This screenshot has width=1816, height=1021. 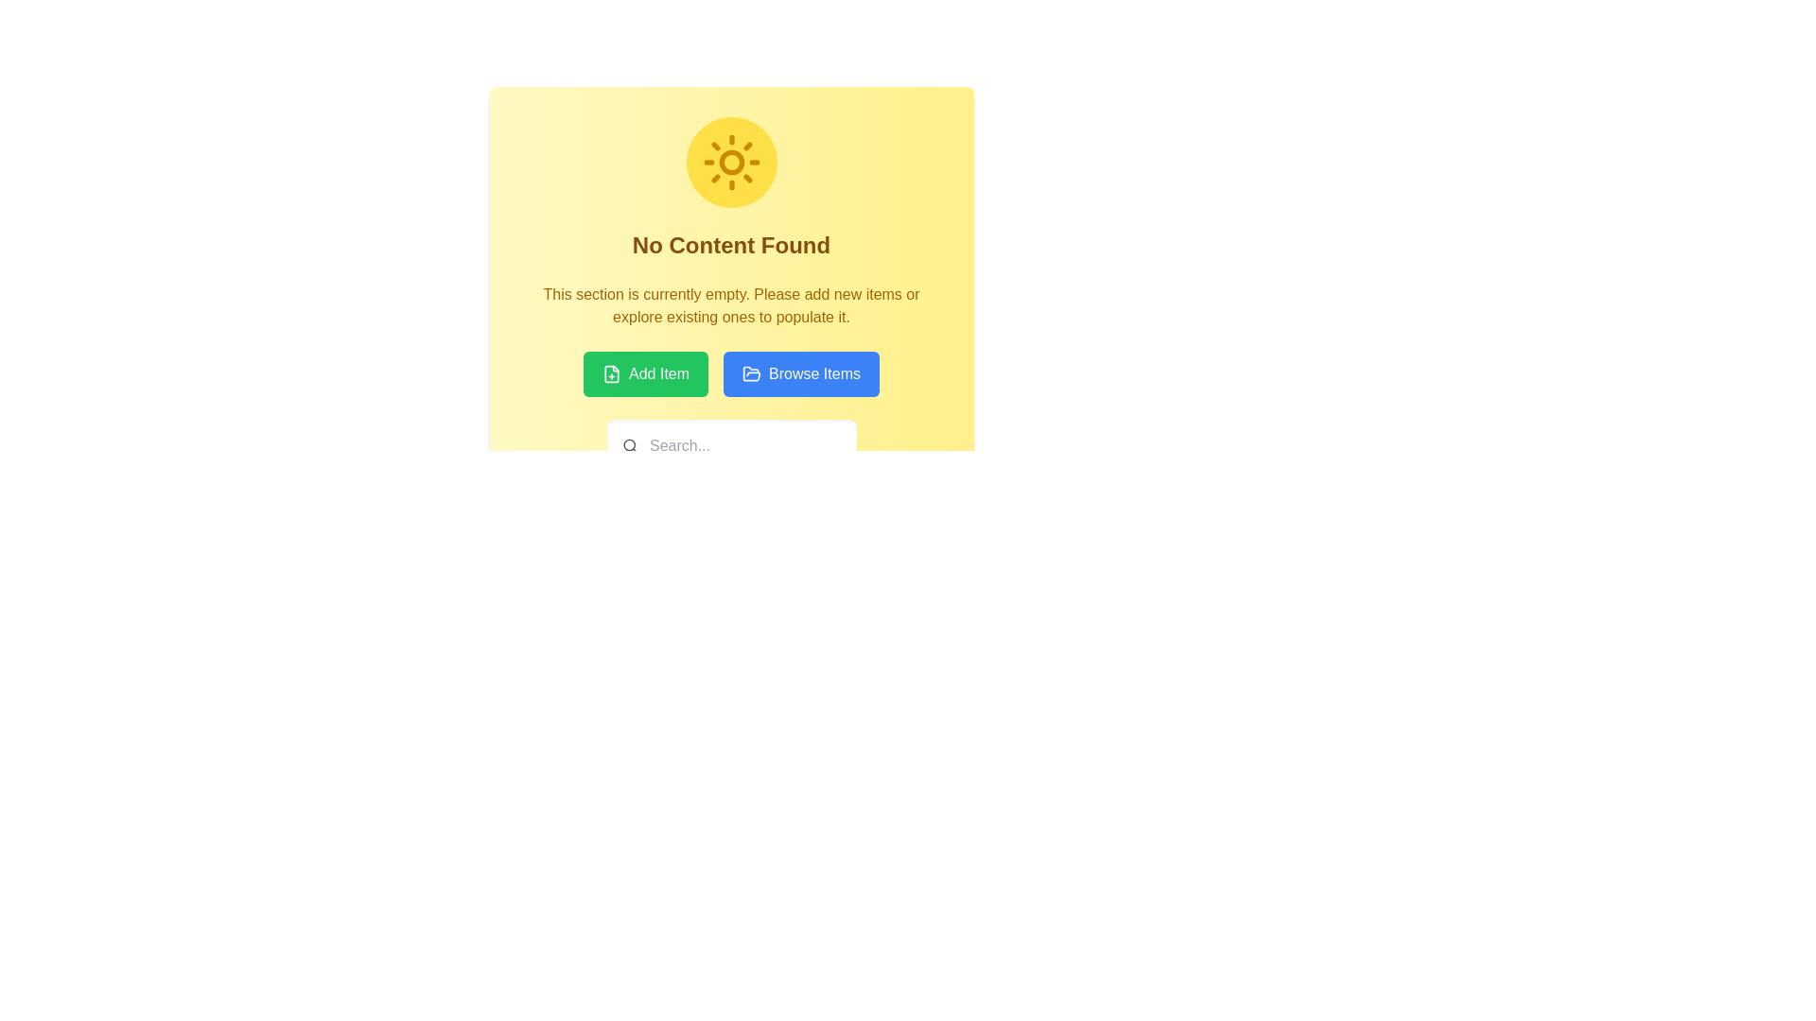 What do you see at coordinates (730, 305) in the screenshot?
I see `the text block informing users about the lack of content, which is positioned under the 'No Content Found' header and above the 'Add Item' and 'Browse Items' buttons` at bounding box center [730, 305].